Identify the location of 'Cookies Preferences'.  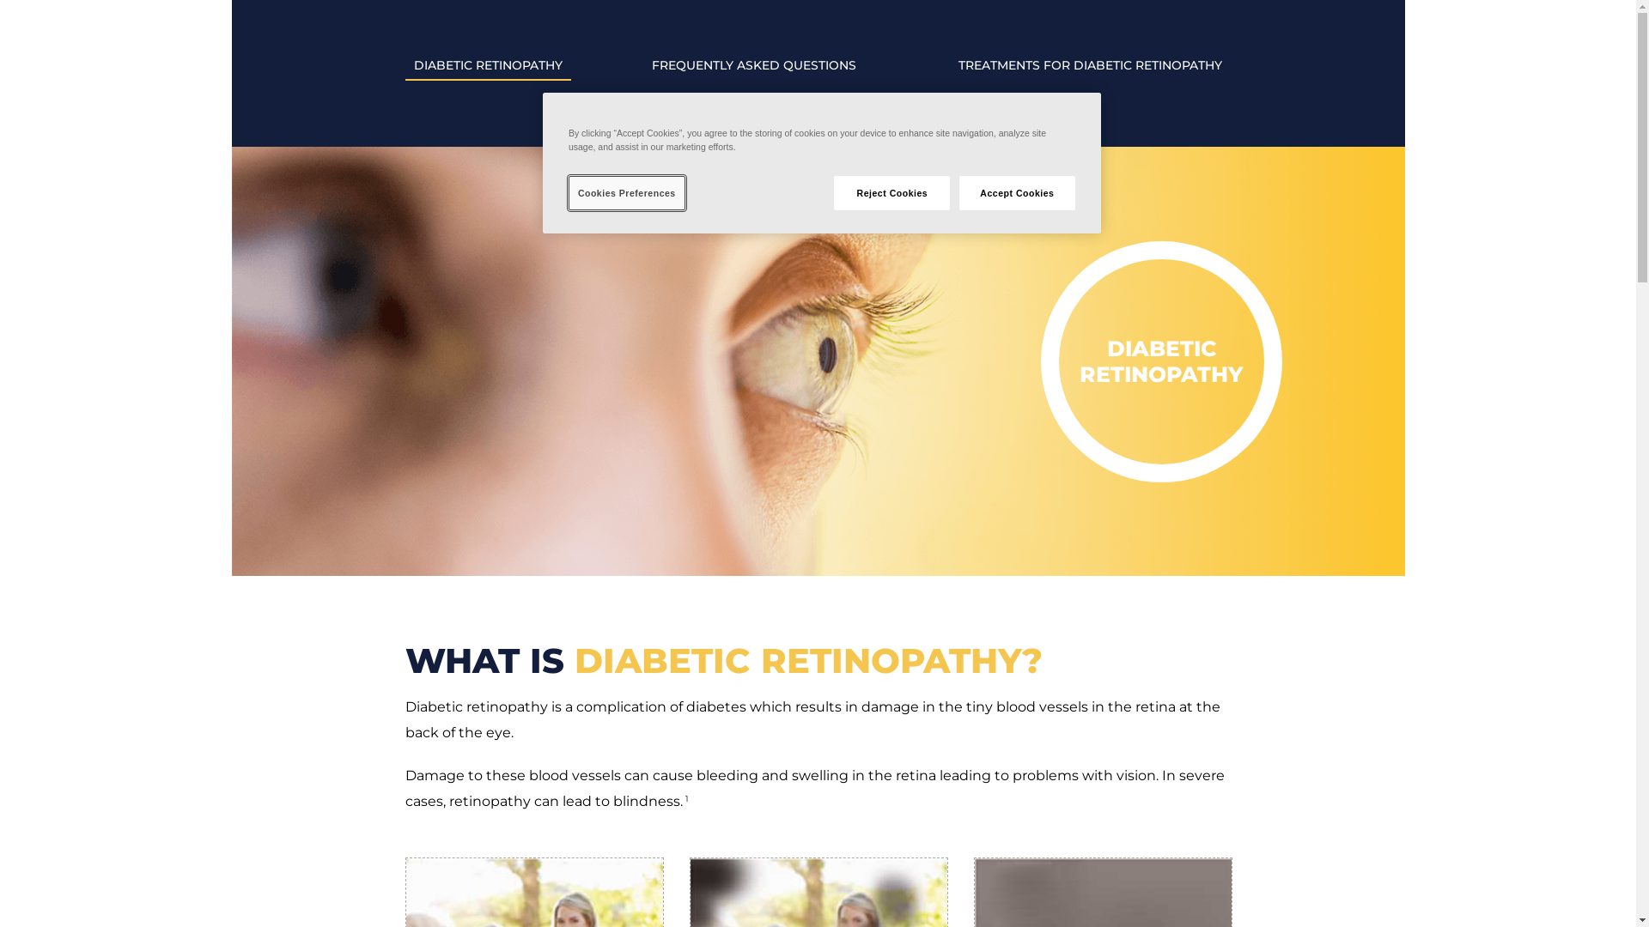
(625, 192).